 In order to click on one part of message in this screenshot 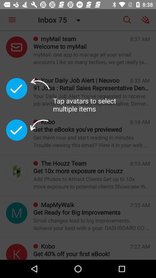, I will do `click(16, 130)`.